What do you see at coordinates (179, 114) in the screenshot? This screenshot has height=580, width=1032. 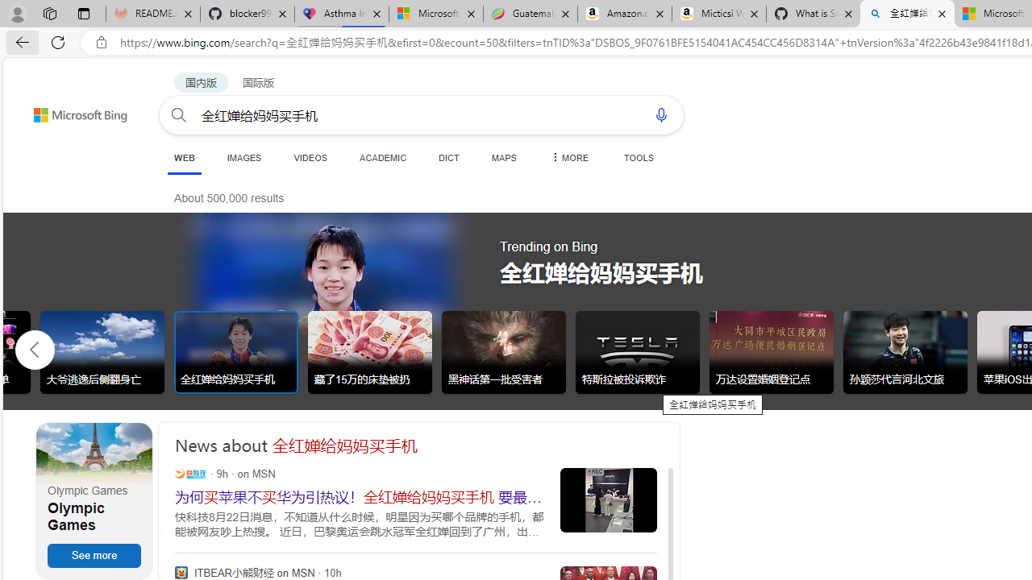 I see `'Search button'` at bounding box center [179, 114].